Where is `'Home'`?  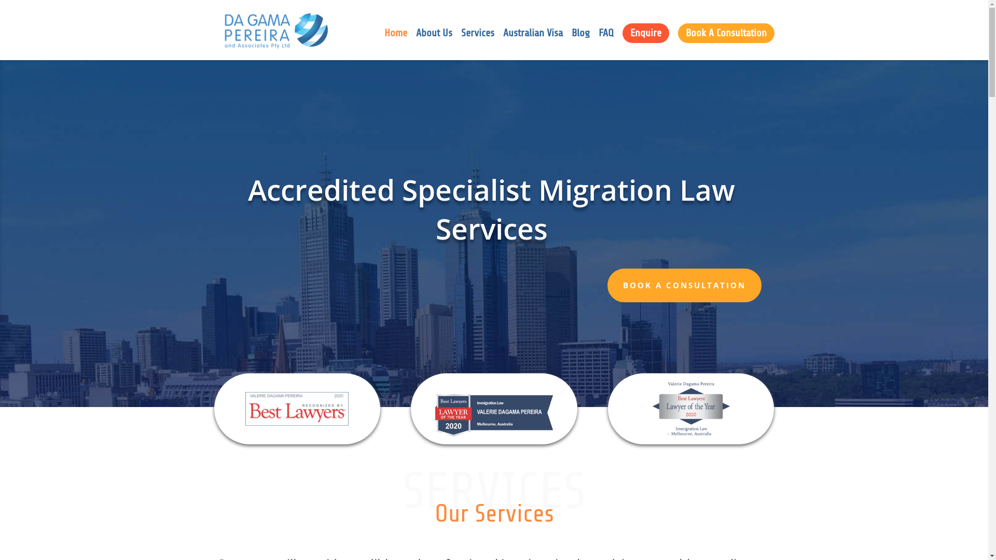
'Home' is located at coordinates (395, 44).